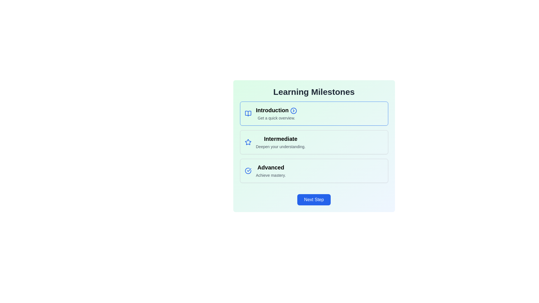 The width and height of the screenshot is (539, 303). What do you see at coordinates (314, 199) in the screenshot?
I see `the navigation button located at the bottom center of the card structure` at bounding box center [314, 199].